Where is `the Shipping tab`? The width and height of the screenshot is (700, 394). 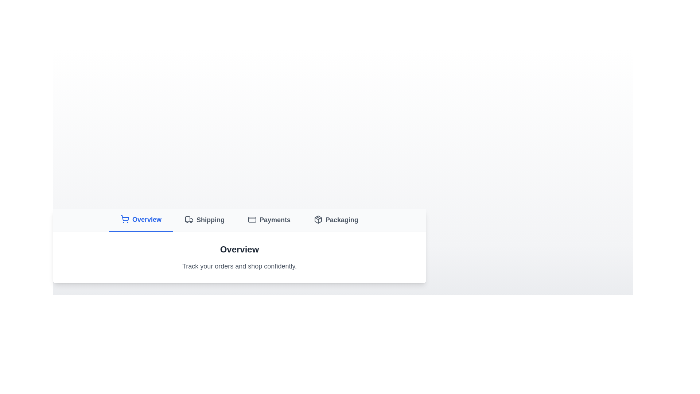 the Shipping tab is located at coordinates (204, 220).